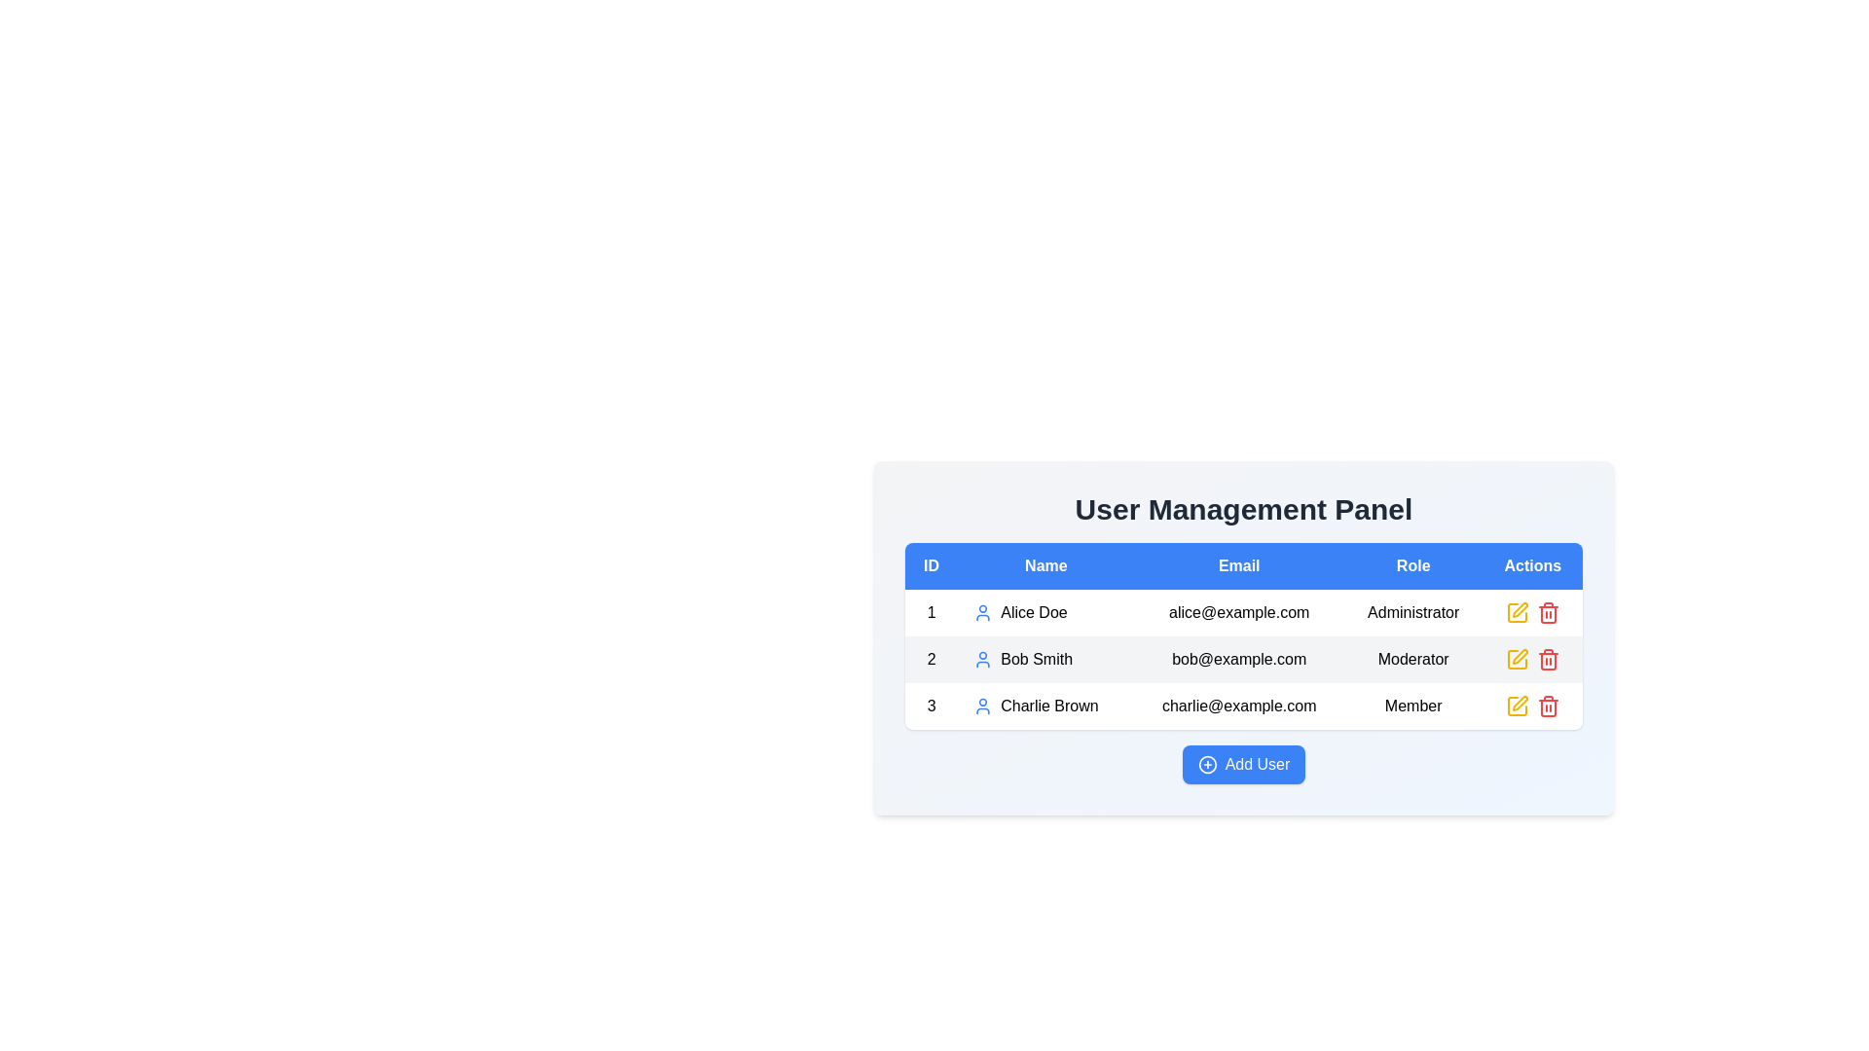 Image resolution: width=1869 pixels, height=1051 pixels. I want to click on the text label displaying 'Member' in the fourth column of the third row in the user management table, associated with 'Charlie Brown', so click(1413, 706).